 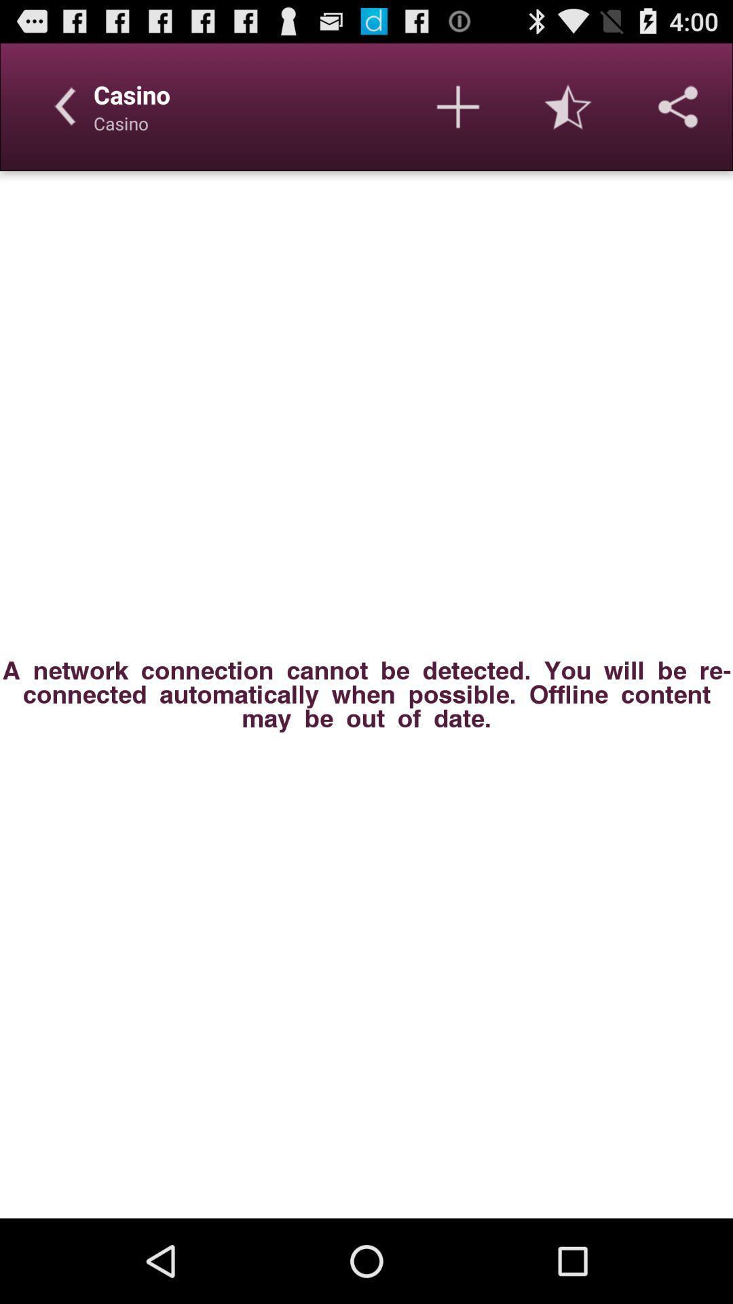 What do you see at coordinates (678, 106) in the screenshot?
I see `share button` at bounding box center [678, 106].